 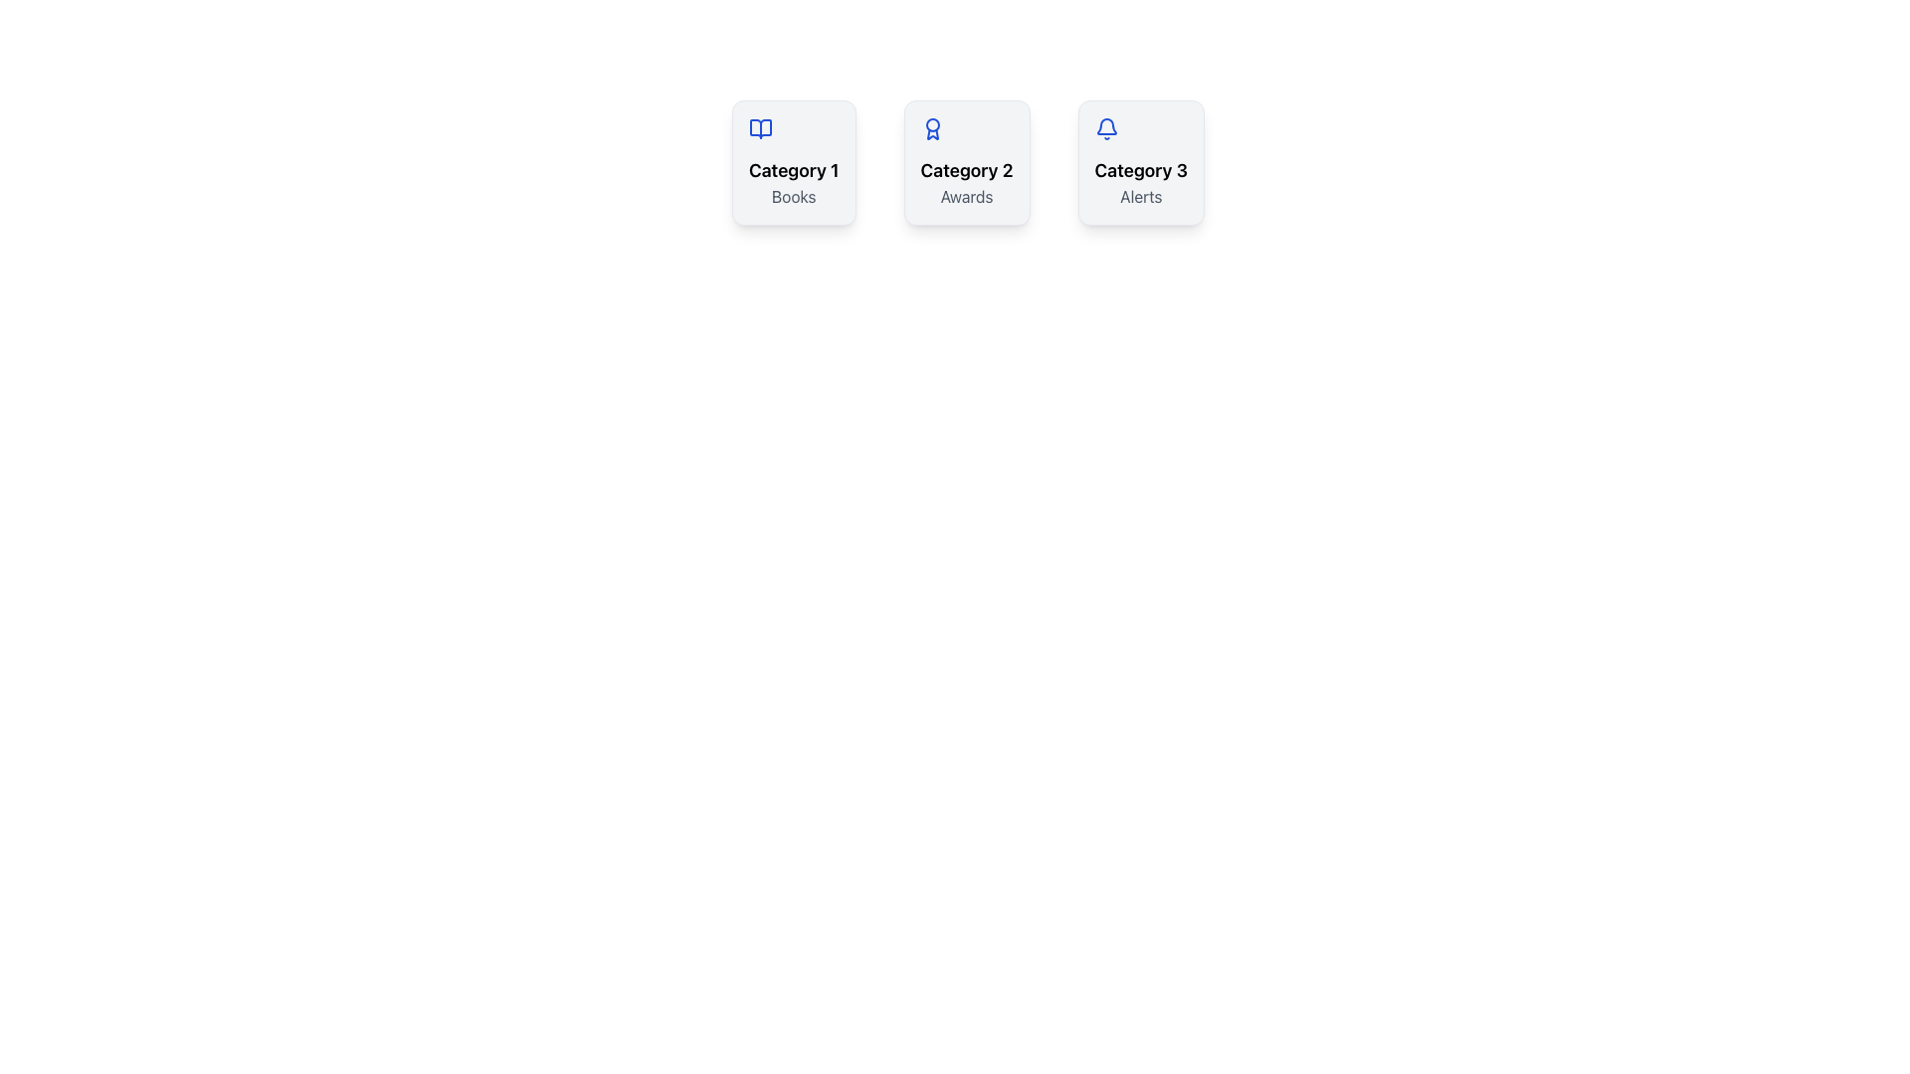 What do you see at coordinates (1105, 129) in the screenshot?
I see `the bell icon located above the text 'Category 3' and 'Alerts' in the 'Category 3' card` at bounding box center [1105, 129].